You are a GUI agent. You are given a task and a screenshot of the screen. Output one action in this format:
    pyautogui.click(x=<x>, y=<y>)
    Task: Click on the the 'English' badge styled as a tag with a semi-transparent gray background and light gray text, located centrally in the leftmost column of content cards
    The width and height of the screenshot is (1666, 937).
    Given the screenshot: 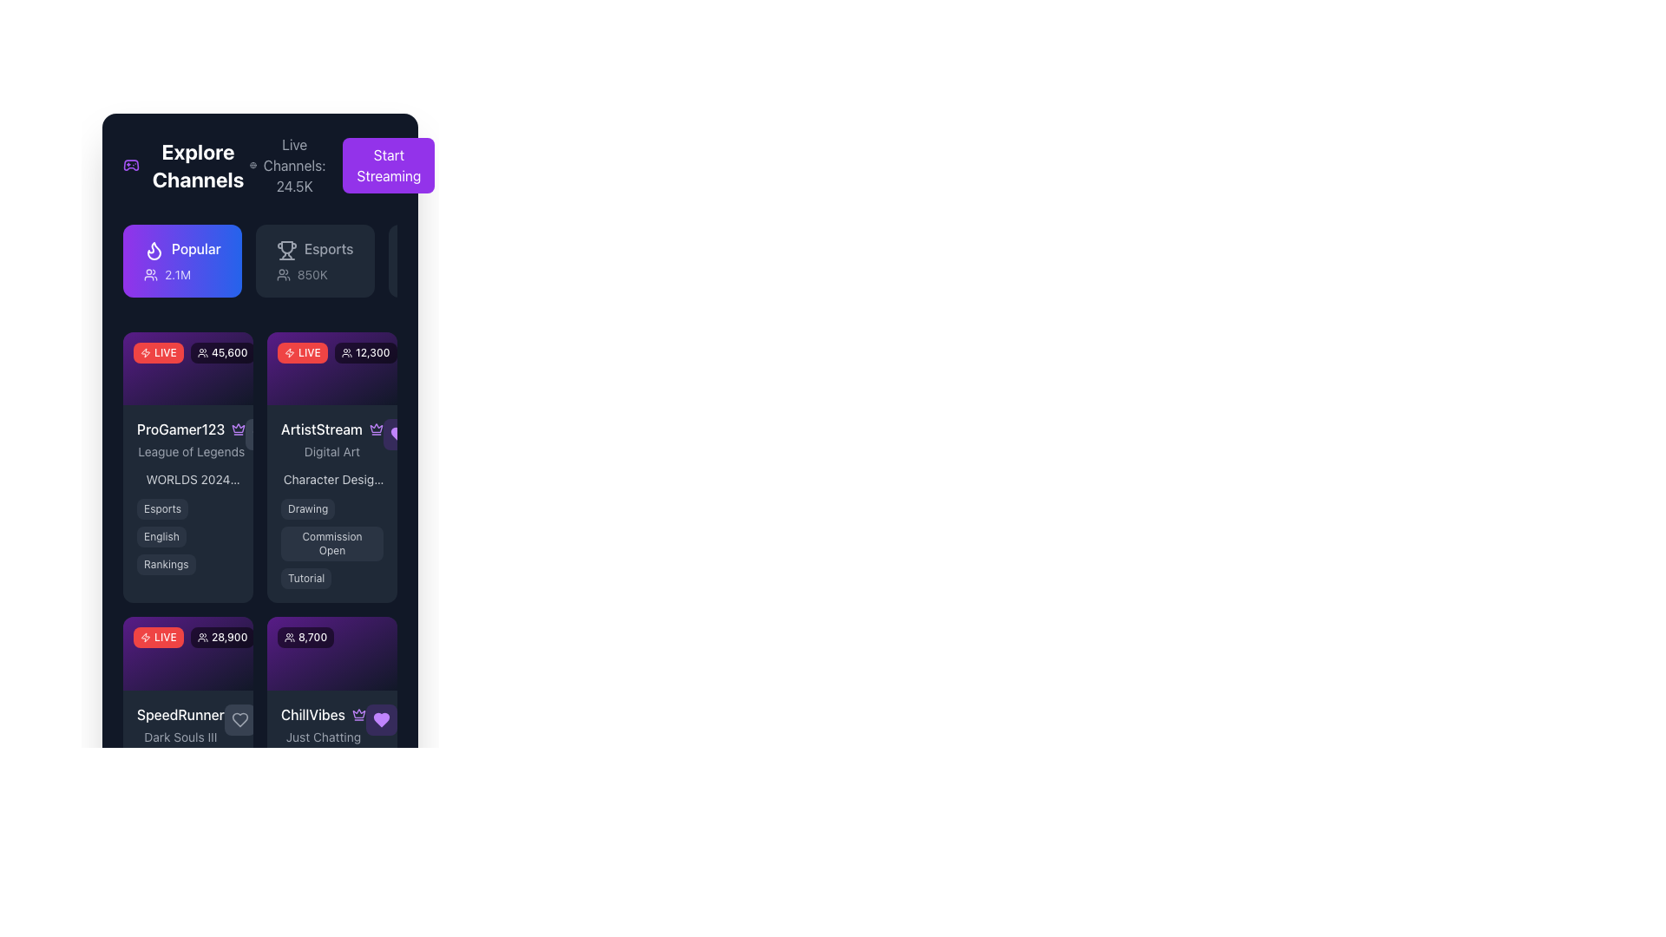 What is the action you would take?
    pyautogui.click(x=161, y=536)
    